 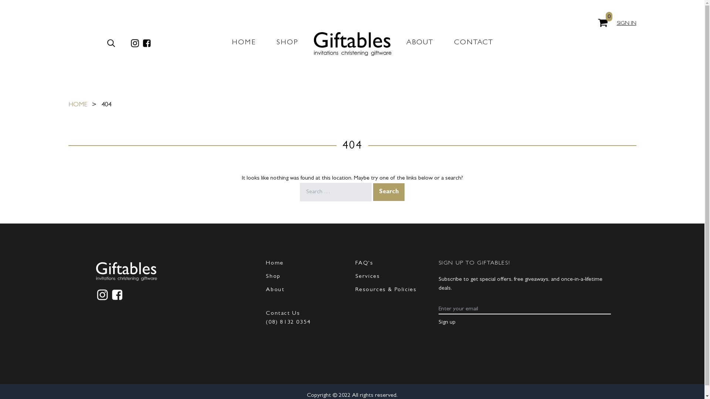 I want to click on '(08) 8132 0354', so click(x=287, y=322).